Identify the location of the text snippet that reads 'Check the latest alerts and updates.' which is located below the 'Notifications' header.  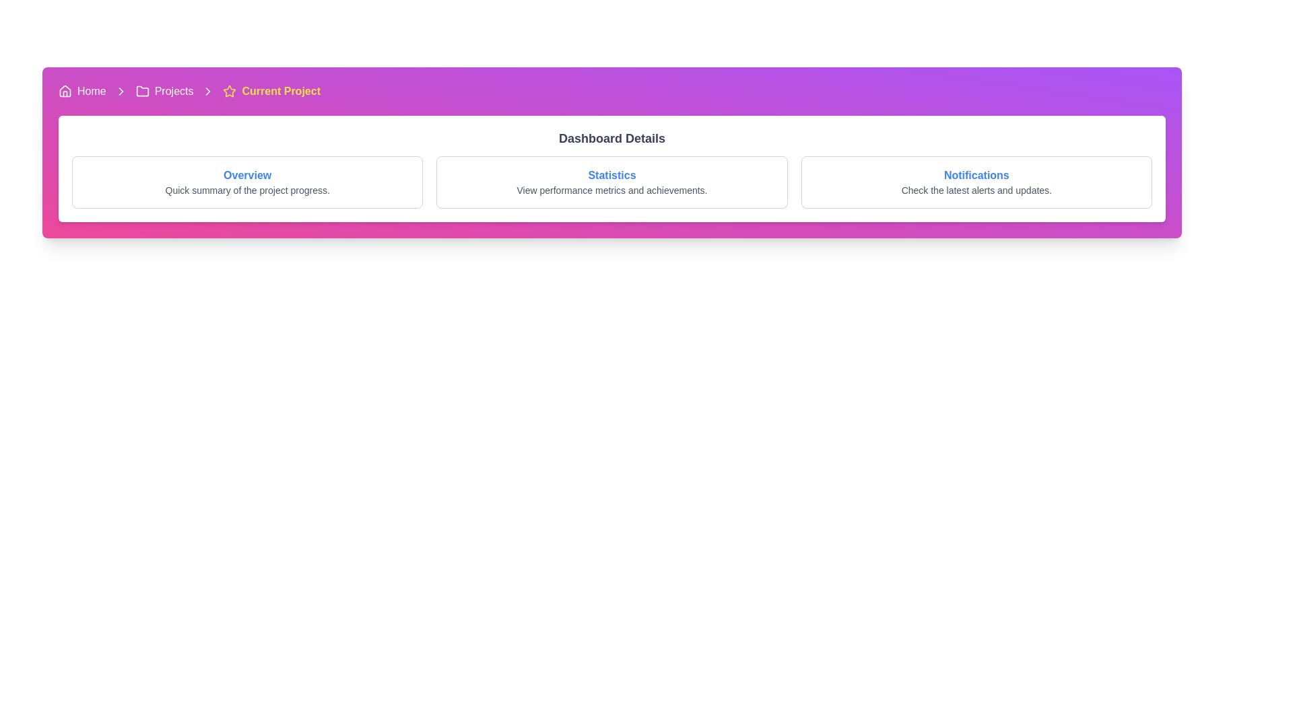
(976, 190).